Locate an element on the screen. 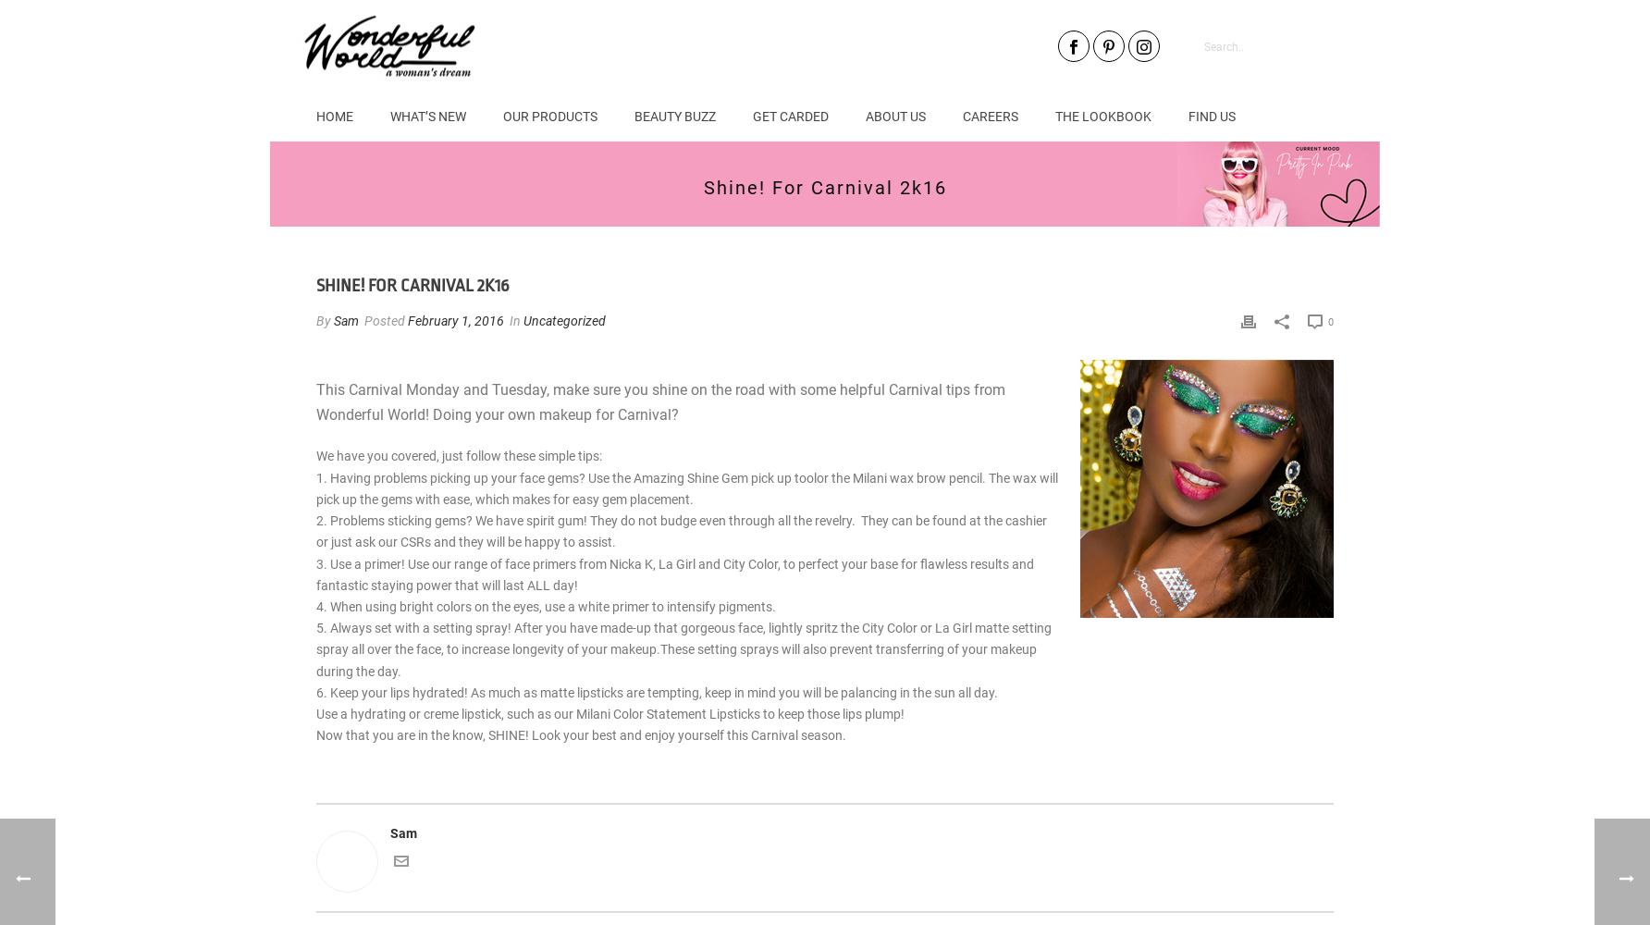 The width and height of the screenshot is (1650, 925). '2. Problems sticking gems? We have spirit gum! They do not budge even through all the revelry.  They can be found at the cashier or just ask our CSRs and they will be happy to assist.' is located at coordinates (681, 530).